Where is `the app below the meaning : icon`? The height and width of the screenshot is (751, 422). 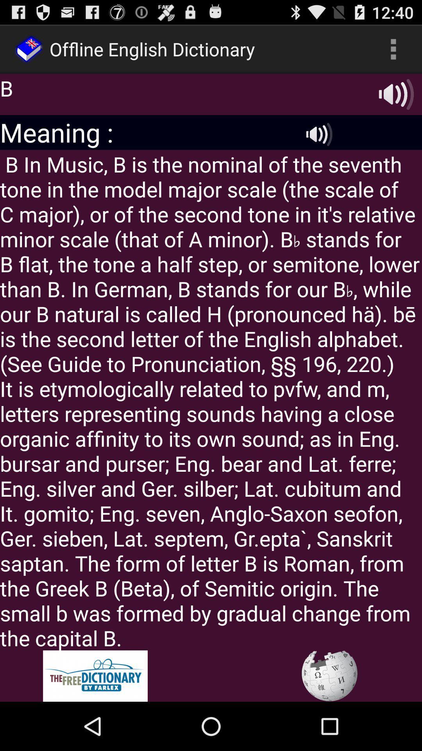
the app below the meaning : icon is located at coordinates (211, 400).